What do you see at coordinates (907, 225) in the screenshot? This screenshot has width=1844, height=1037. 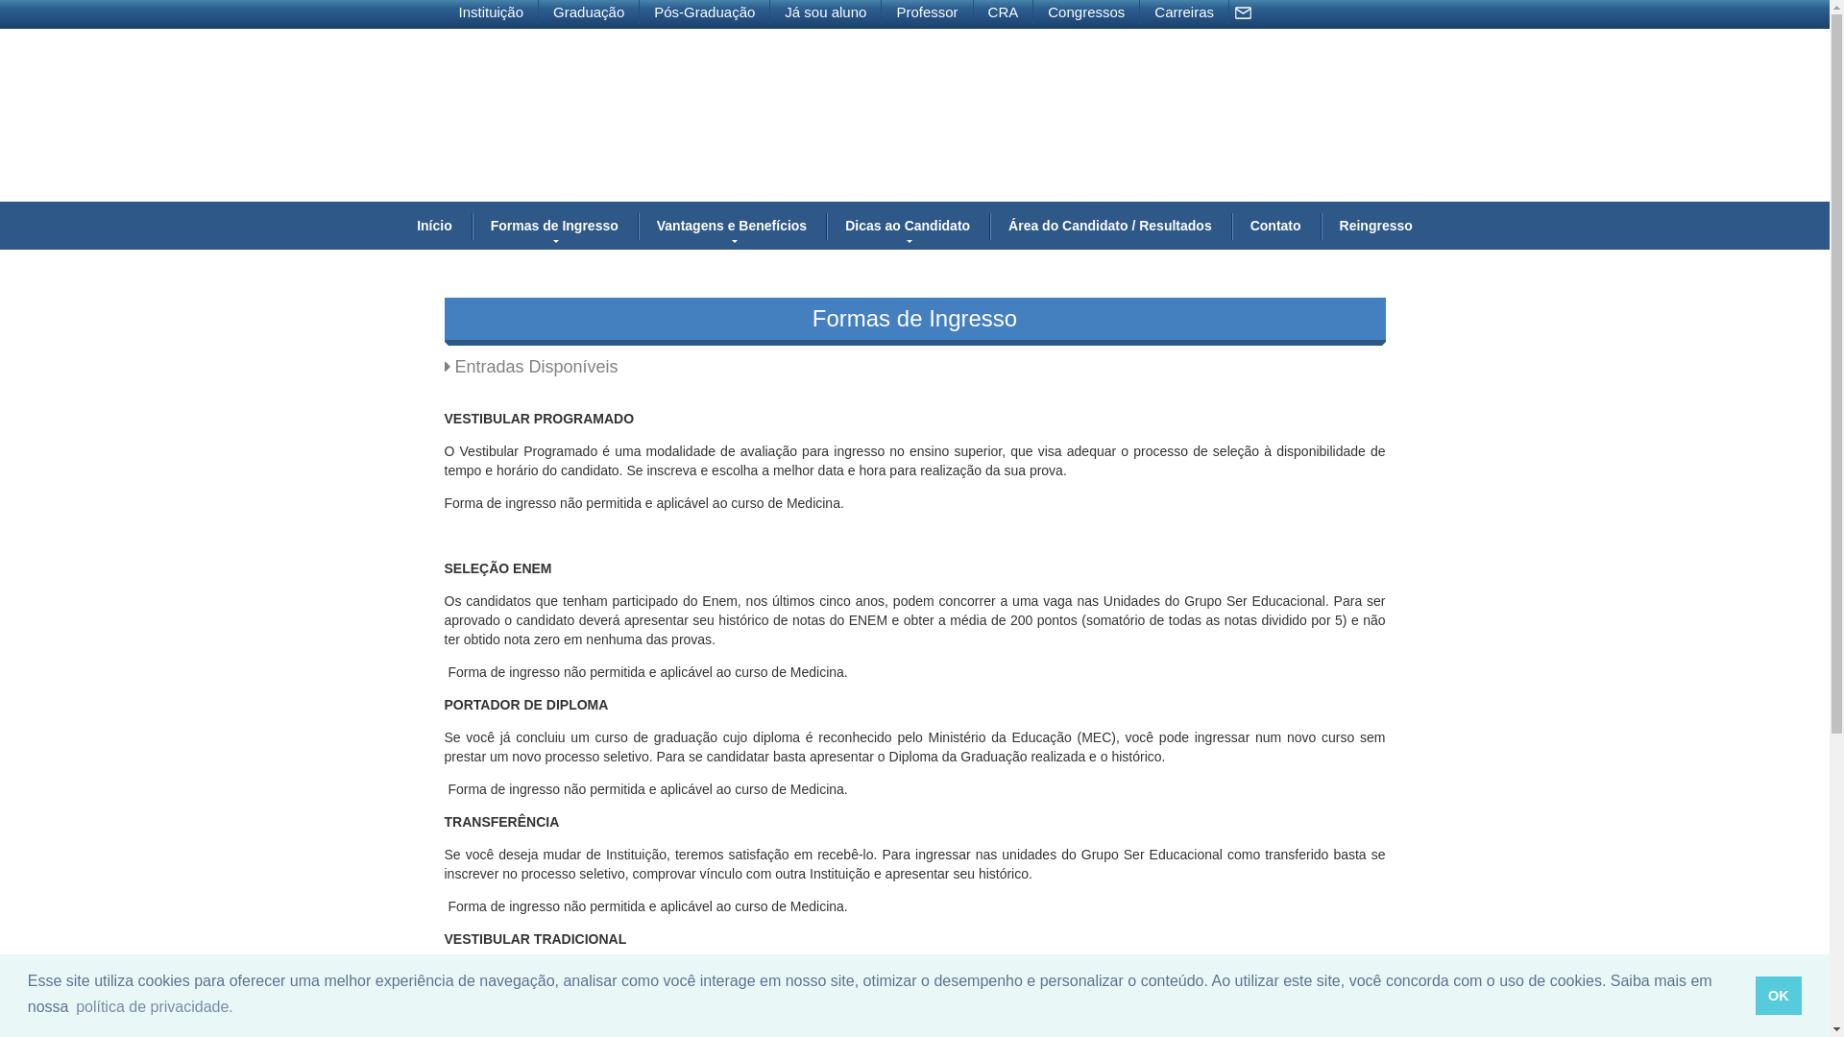 I see `'Dicas ao Candidato'` at bounding box center [907, 225].